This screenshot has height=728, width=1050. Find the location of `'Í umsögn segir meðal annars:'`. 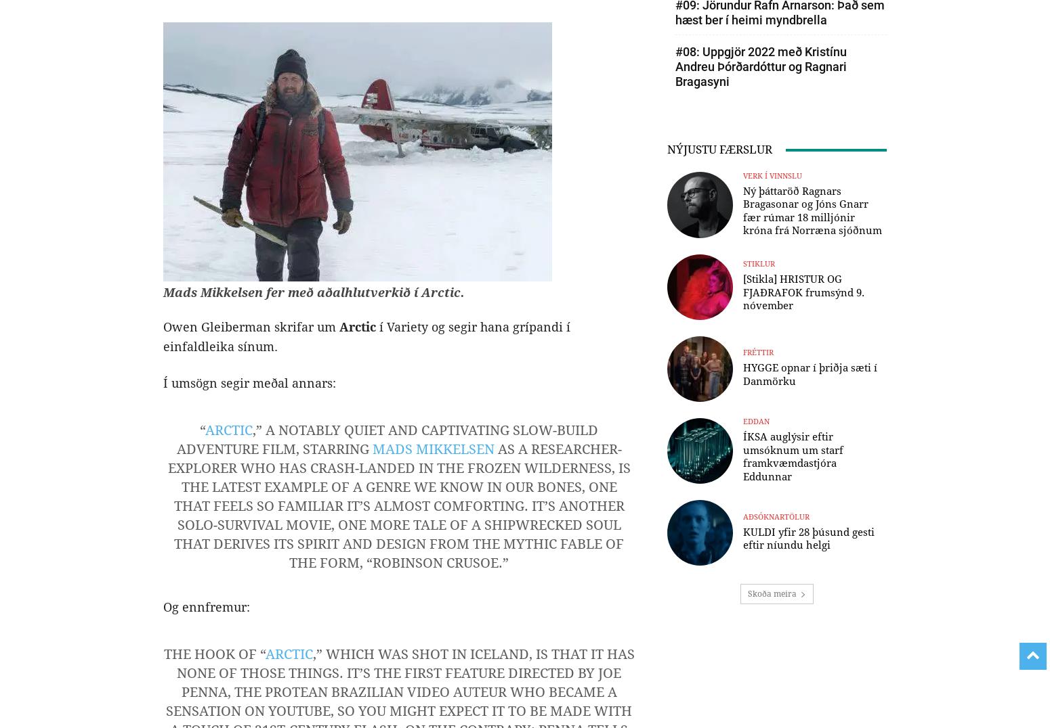

'Í umsögn segir meðal annars:' is located at coordinates (249, 382).